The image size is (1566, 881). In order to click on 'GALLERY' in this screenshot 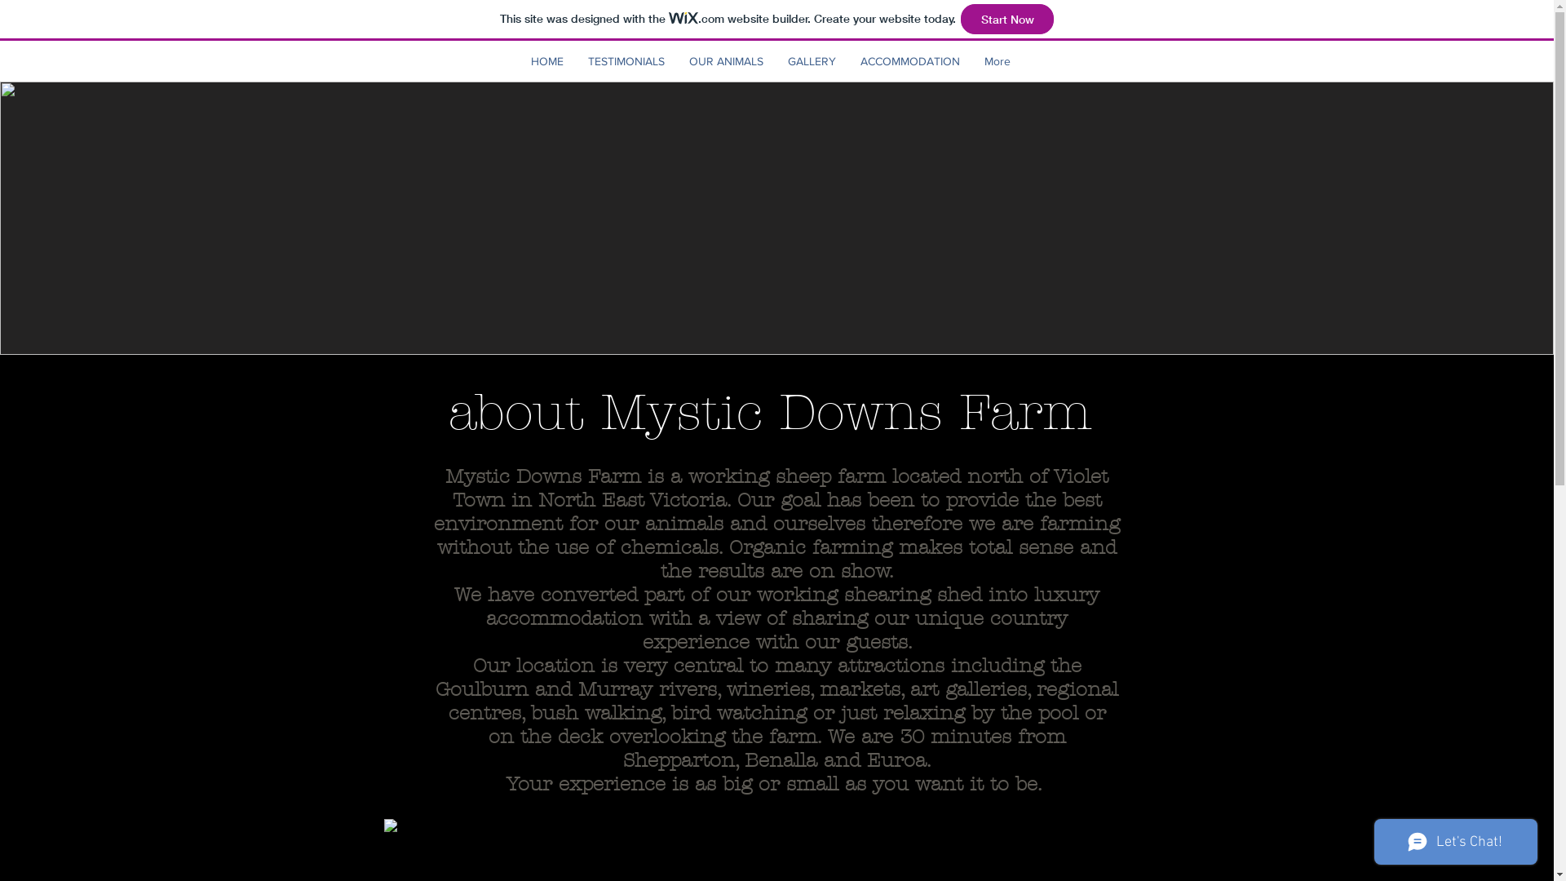, I will do `click(774, 60)`.